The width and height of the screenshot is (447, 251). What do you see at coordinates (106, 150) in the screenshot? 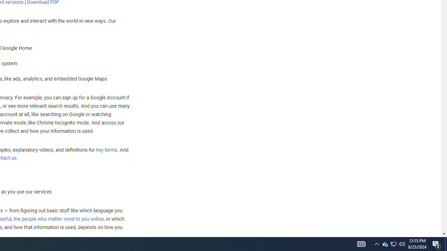
I see `'key terms'` at bounding box center [106, 150].